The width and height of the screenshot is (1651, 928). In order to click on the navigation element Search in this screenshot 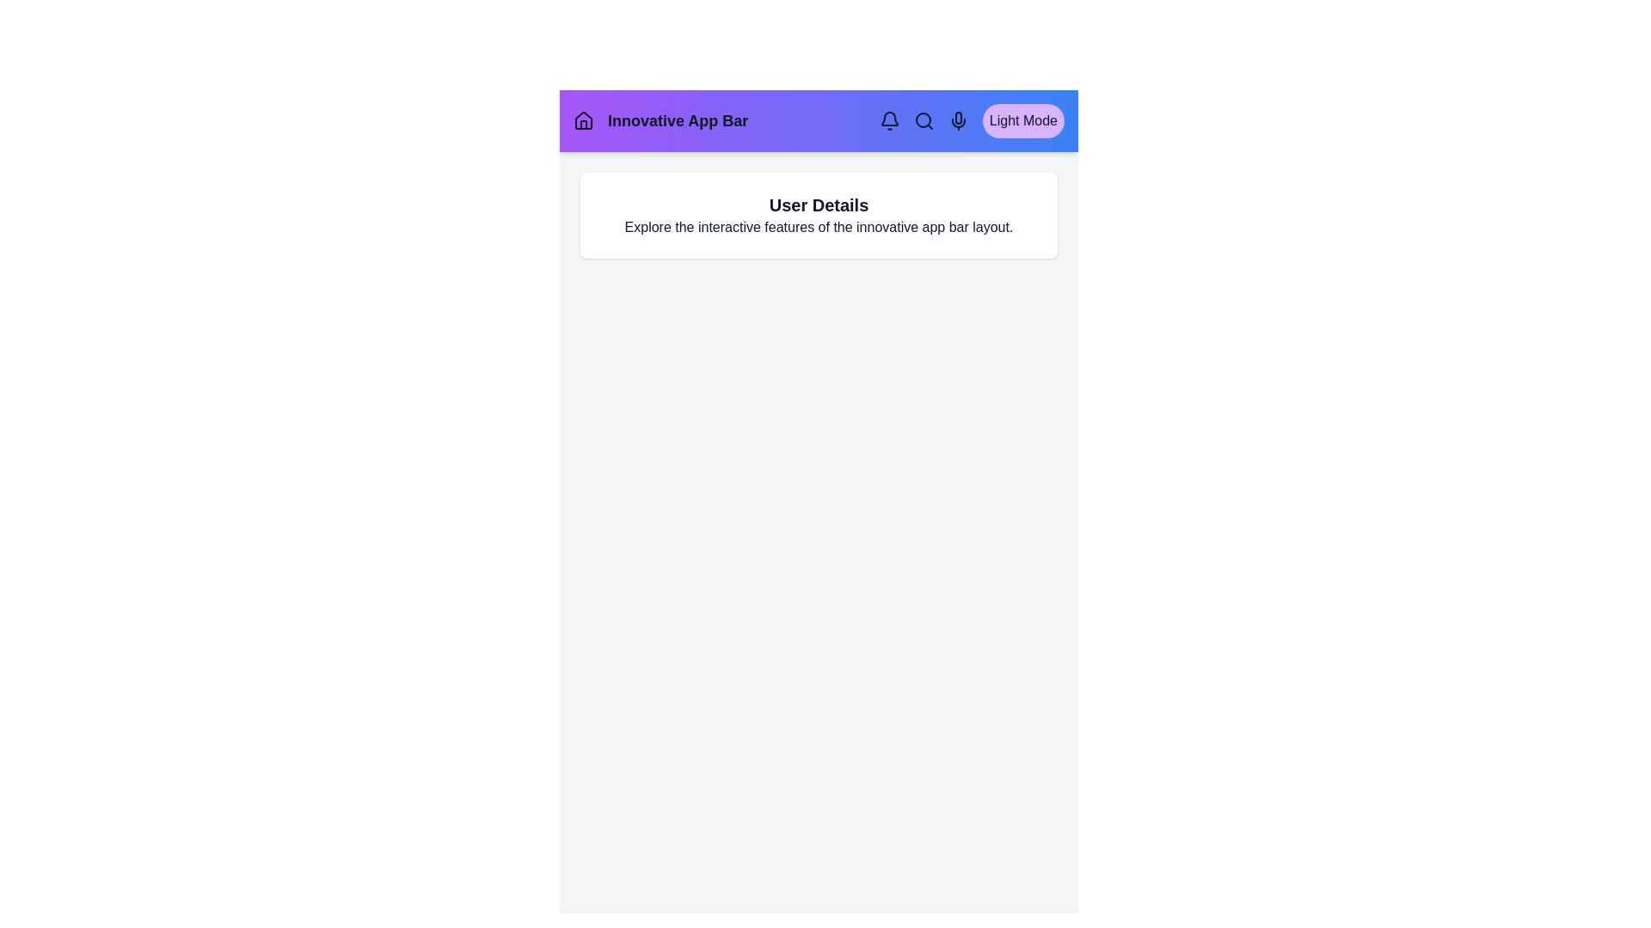, I will do `click(923, 120)`.